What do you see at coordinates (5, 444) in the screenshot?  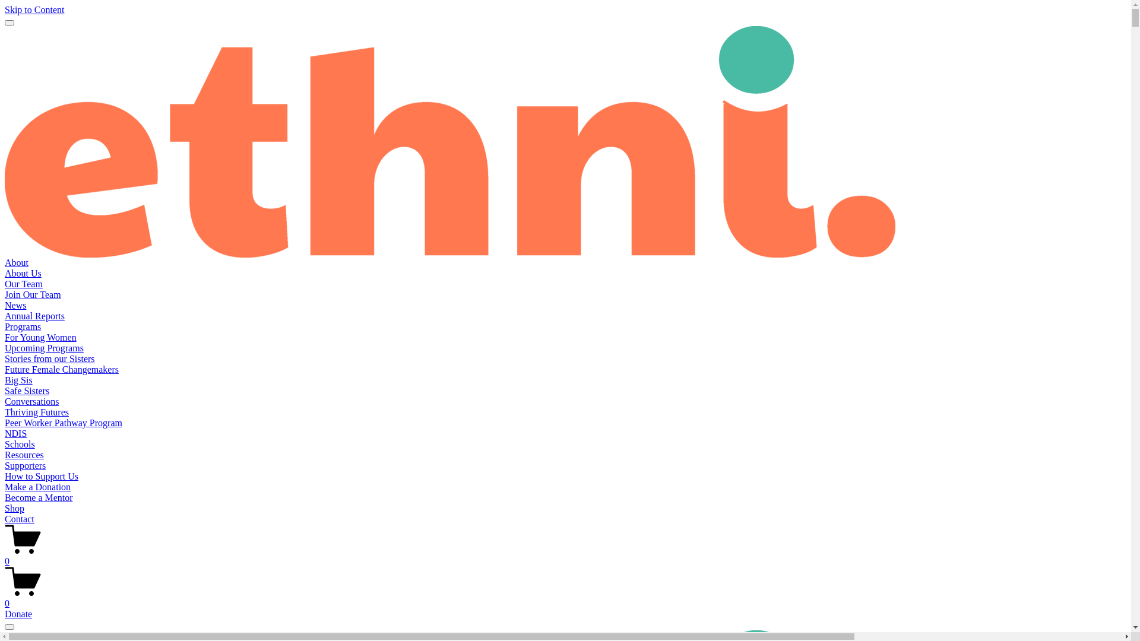 I see `'Schools'` at bounding box center [5, 444].